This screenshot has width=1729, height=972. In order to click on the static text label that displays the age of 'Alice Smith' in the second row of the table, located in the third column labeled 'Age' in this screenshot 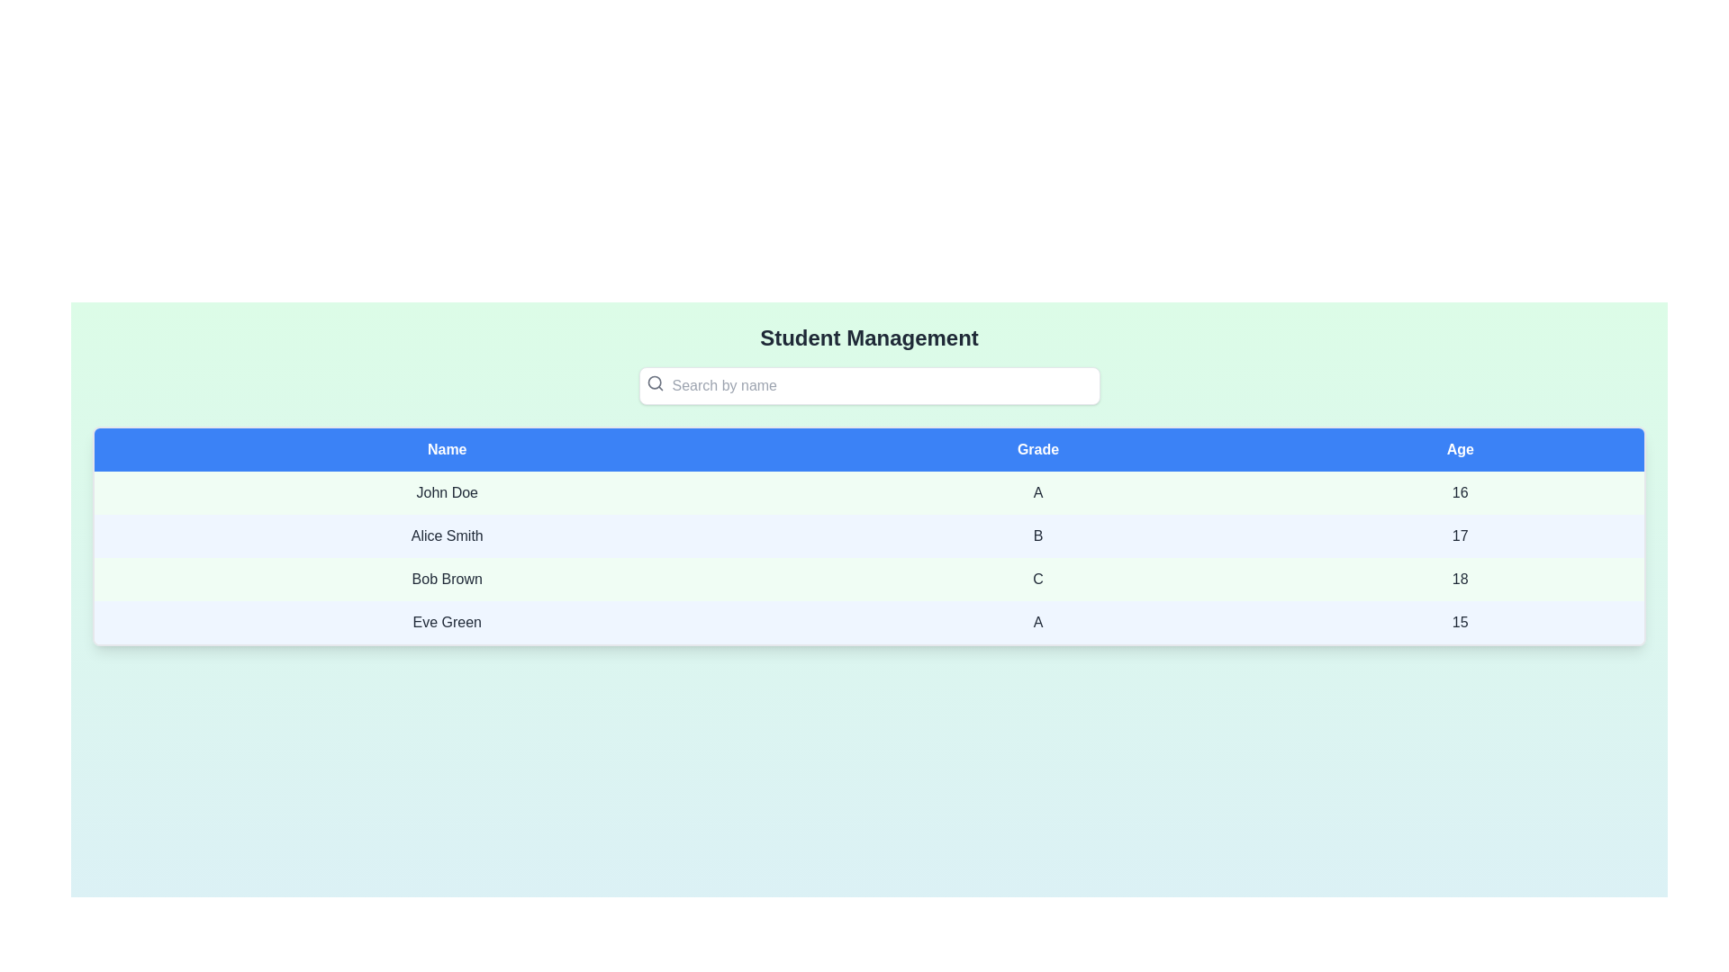, I will do `click(1460, 535)`.